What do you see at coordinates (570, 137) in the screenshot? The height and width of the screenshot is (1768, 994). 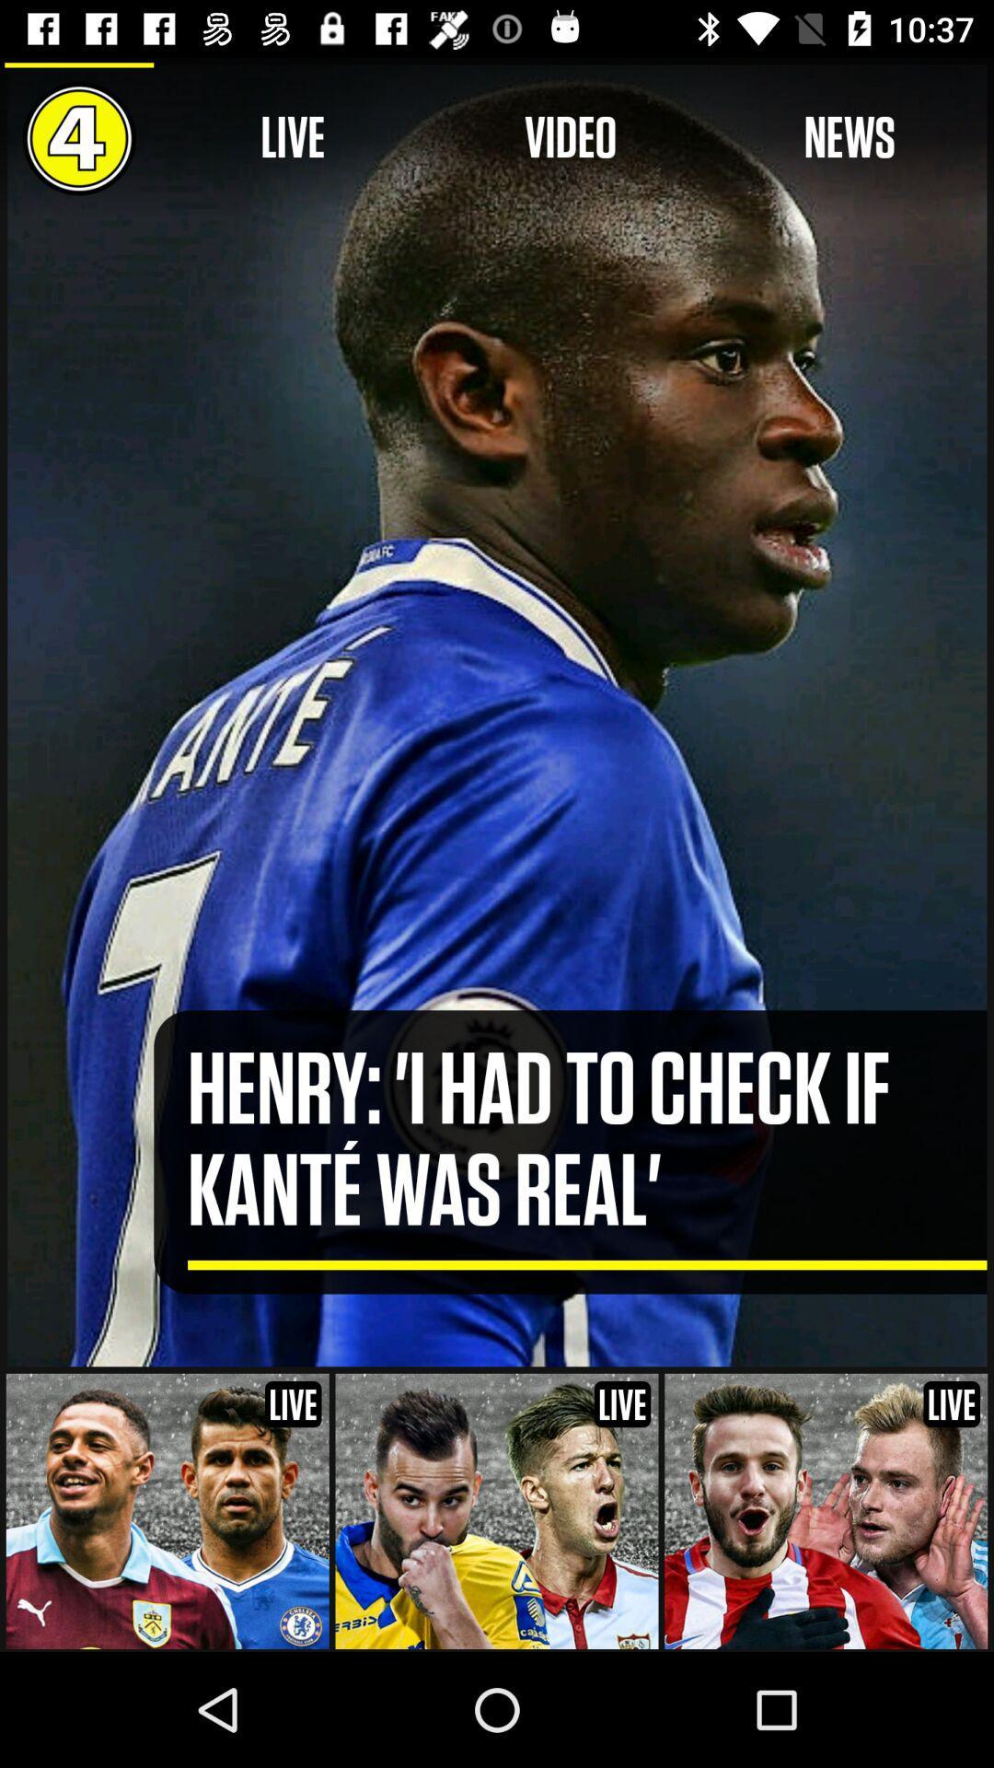 I see `the item above the henry i had icon` at bounding box center [570, 137].